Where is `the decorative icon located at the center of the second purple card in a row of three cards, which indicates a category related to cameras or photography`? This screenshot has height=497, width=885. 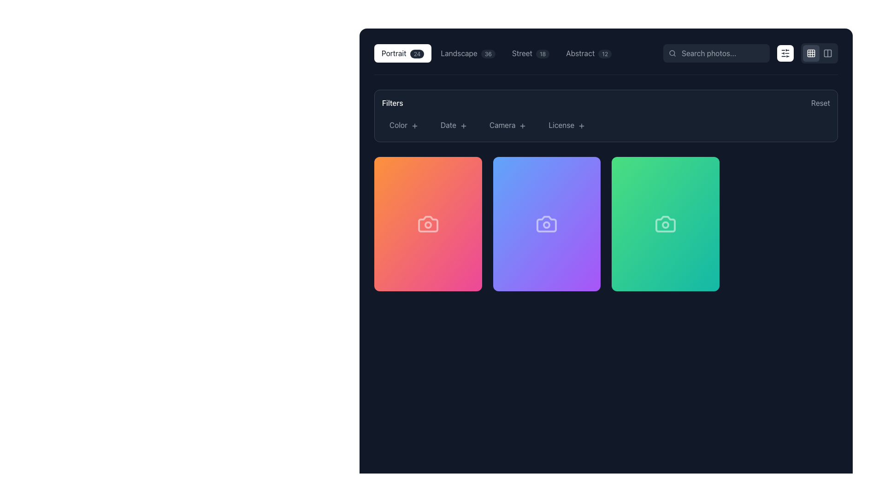
the decorative icon located at the center of the second purple card in a row of three cards, which indicates a category related to cameras or photography is located at coordinates (547, 224).